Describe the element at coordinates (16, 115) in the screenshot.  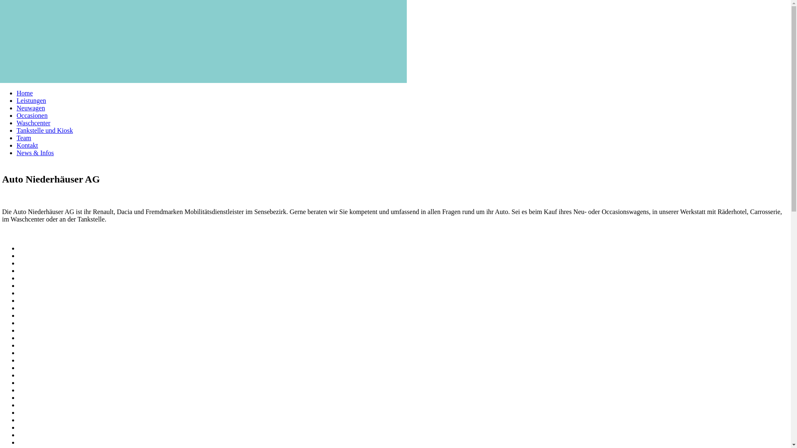
I see `'Occasionen'` at that location.